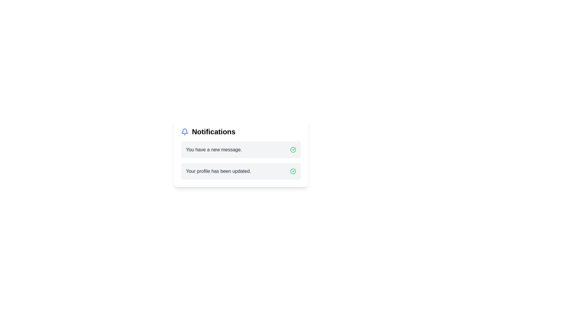  What do you see at coordinates (293, 150) in the screenshot?
I see `the circular green checkmark icon located at the right end of the notification card containing the message 'You have a new message.'` at bounding box center [293, 150].